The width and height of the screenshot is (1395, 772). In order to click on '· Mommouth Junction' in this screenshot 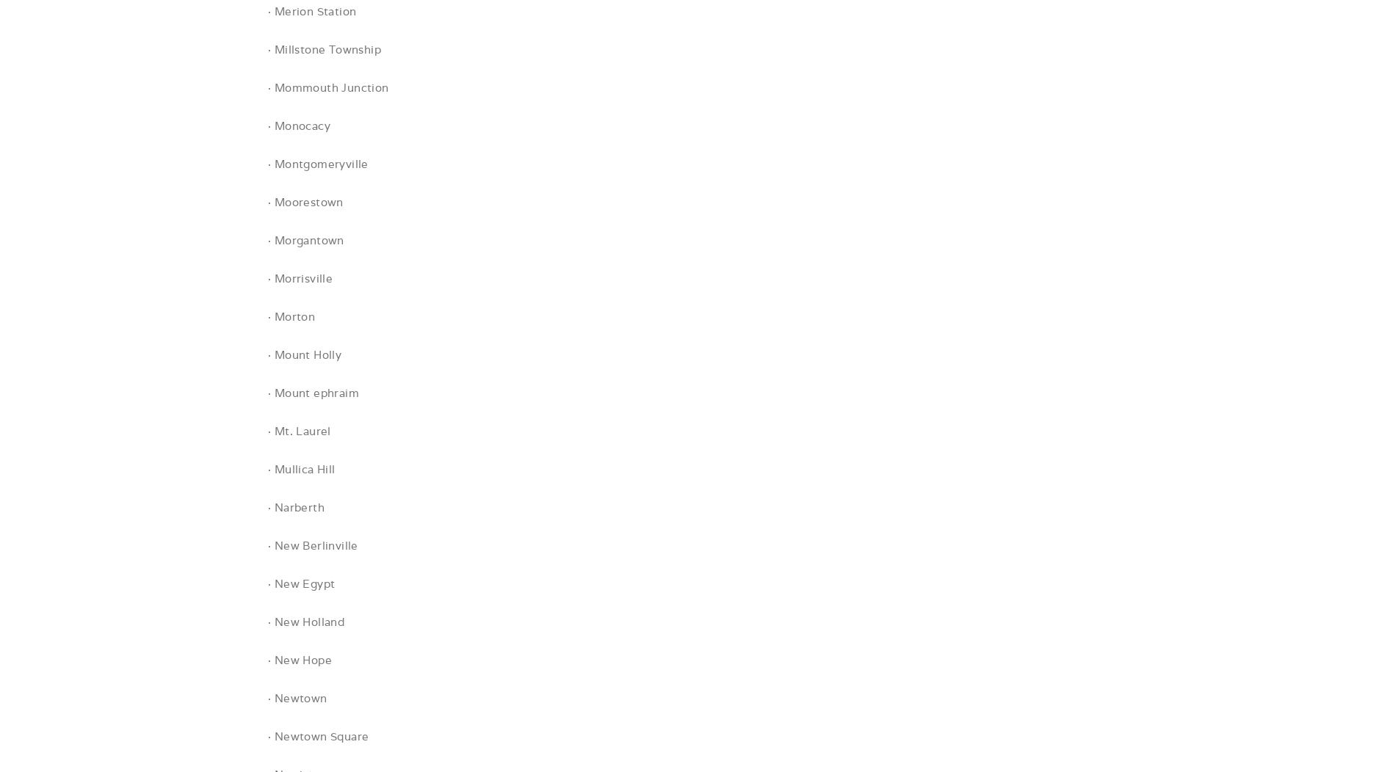, I will do `click(327, 87)`.